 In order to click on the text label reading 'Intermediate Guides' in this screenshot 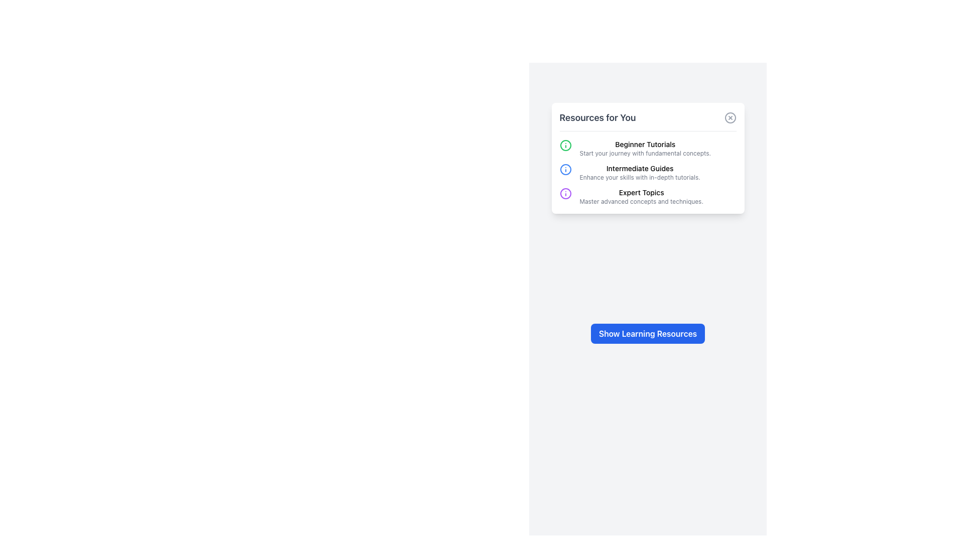, I will do `click(639, 168)`.